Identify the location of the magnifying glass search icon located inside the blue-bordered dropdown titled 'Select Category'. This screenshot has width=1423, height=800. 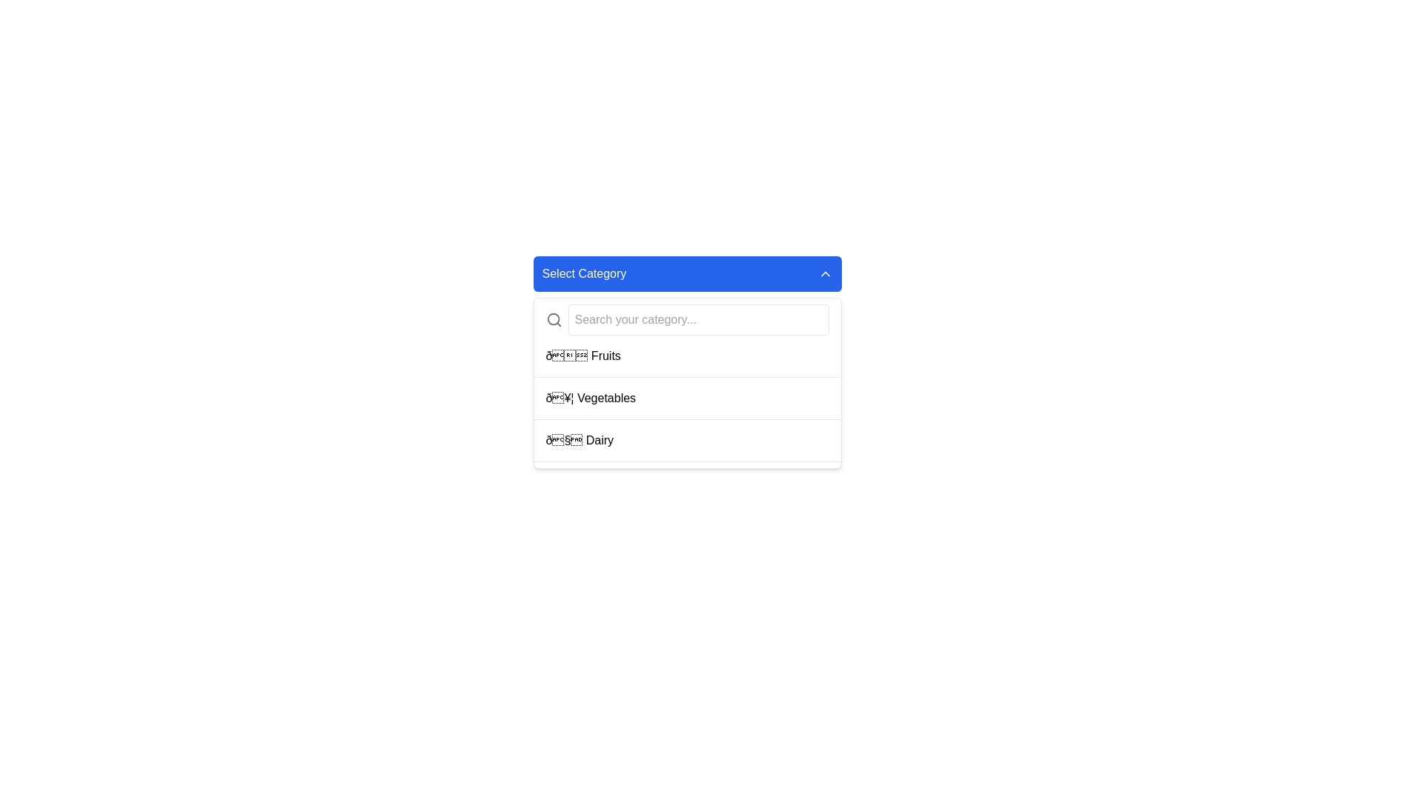
(553, 319).